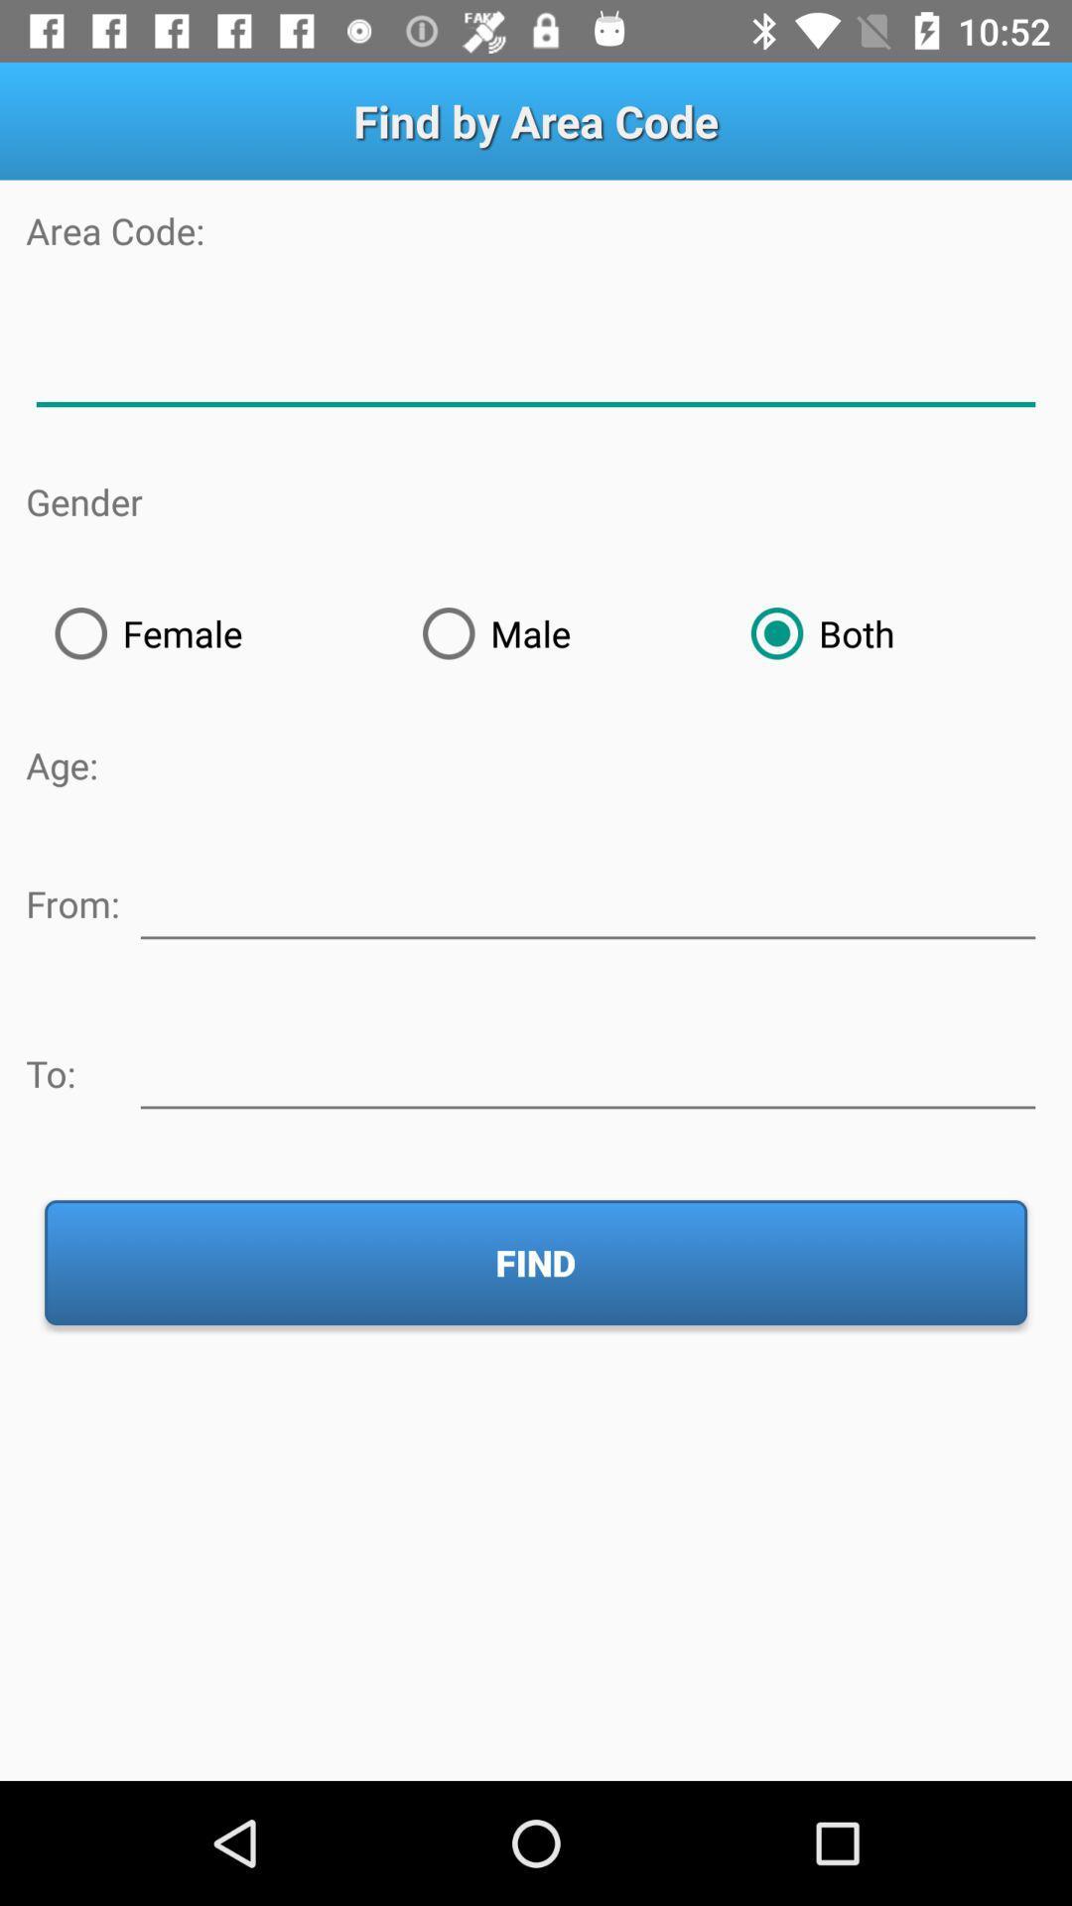  I want to click on the radio button to the right of female item, so click(558, 632).